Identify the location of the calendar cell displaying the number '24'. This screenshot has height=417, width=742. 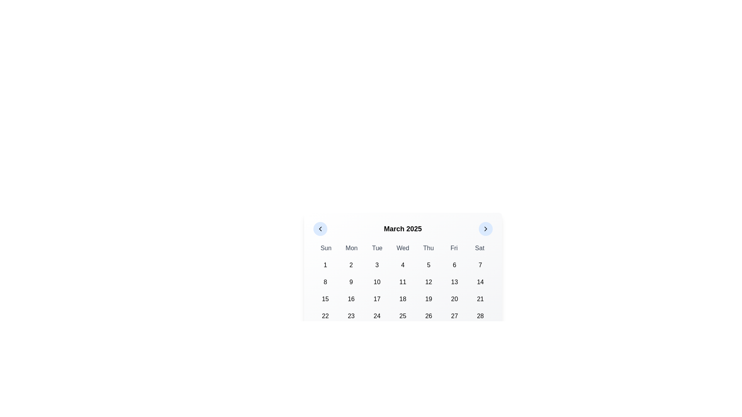
(377, 316).